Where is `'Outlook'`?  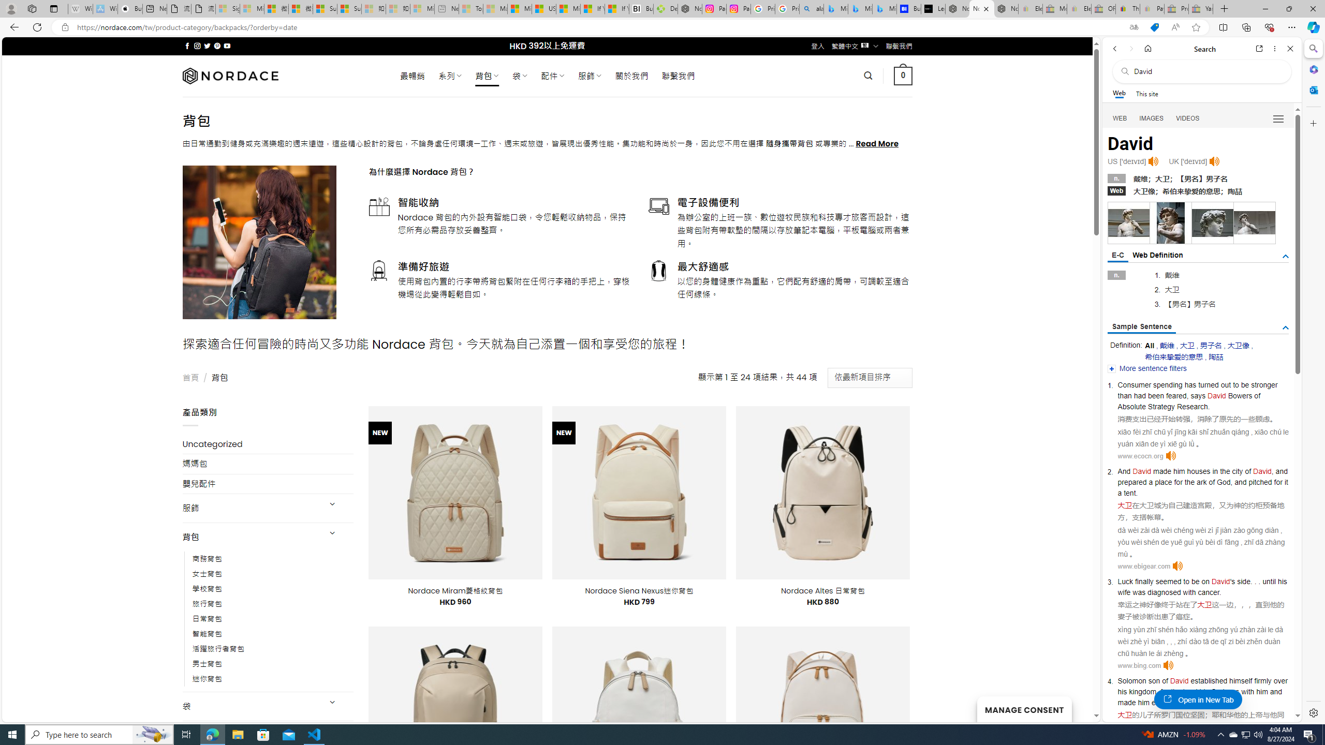 'Outlook' is located at coordinates (1312, 89).